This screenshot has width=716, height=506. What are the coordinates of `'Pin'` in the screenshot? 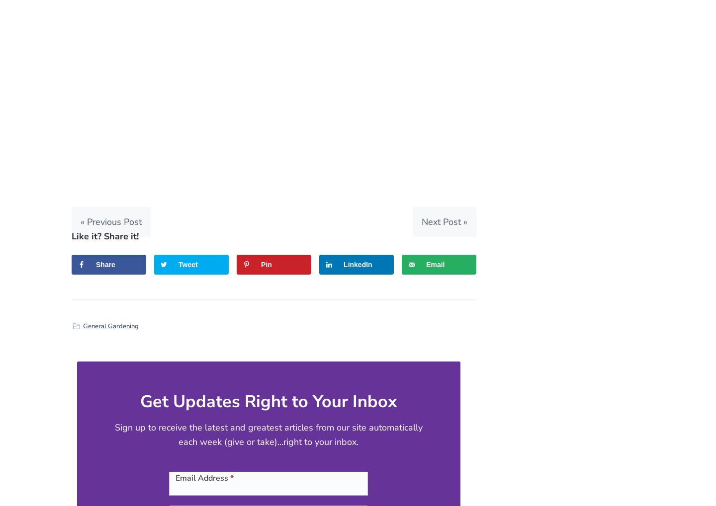 It's located at (261, 265).